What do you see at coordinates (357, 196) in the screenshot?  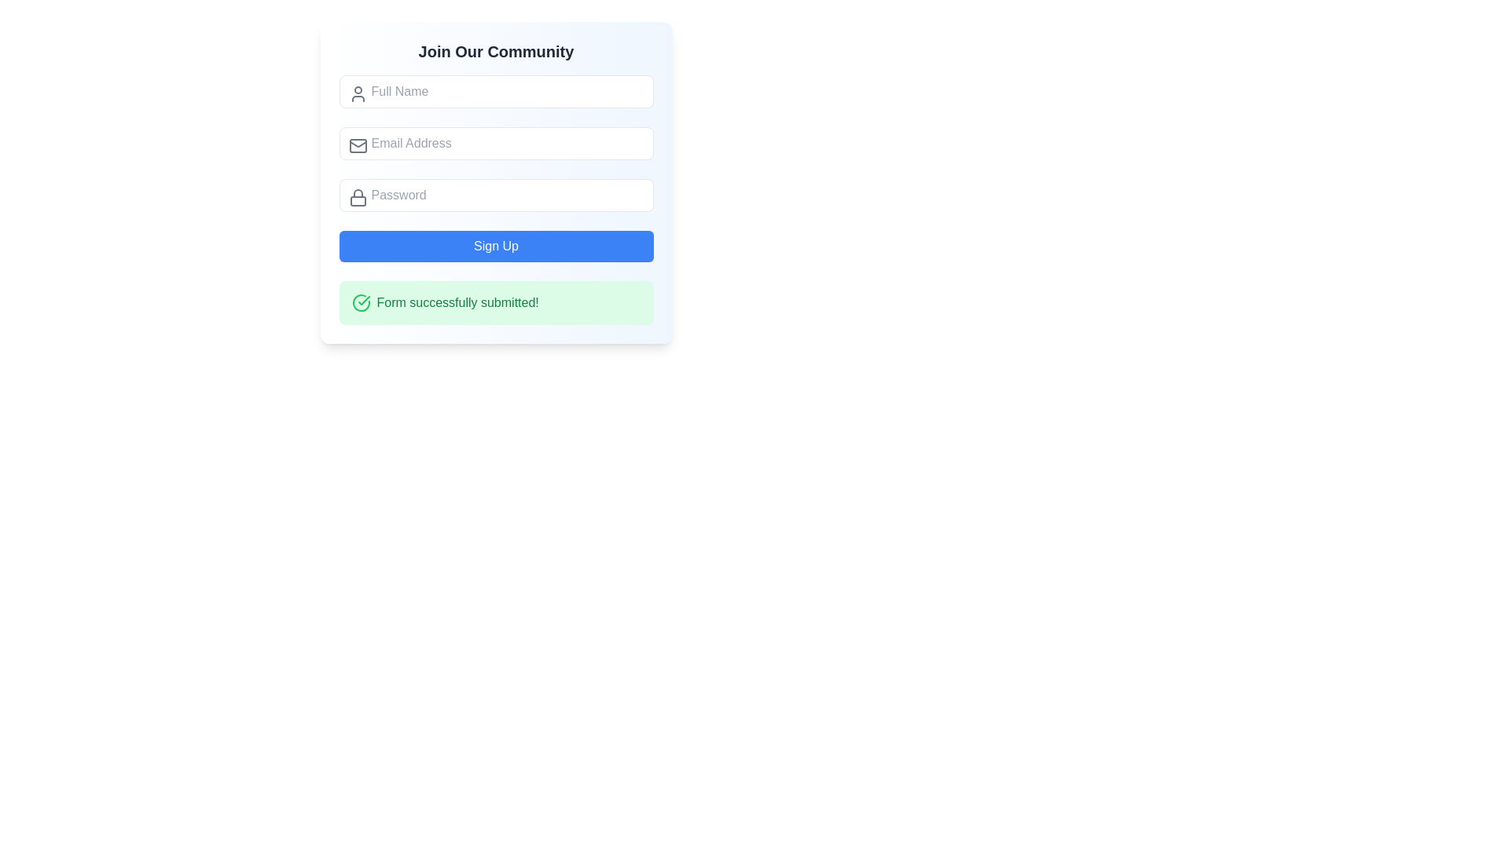 I see `the small gray padlock icon located at the top left corner of the password input field, which serves as a visual indicator of the input field's purpose` at bounding box center [357, 196].